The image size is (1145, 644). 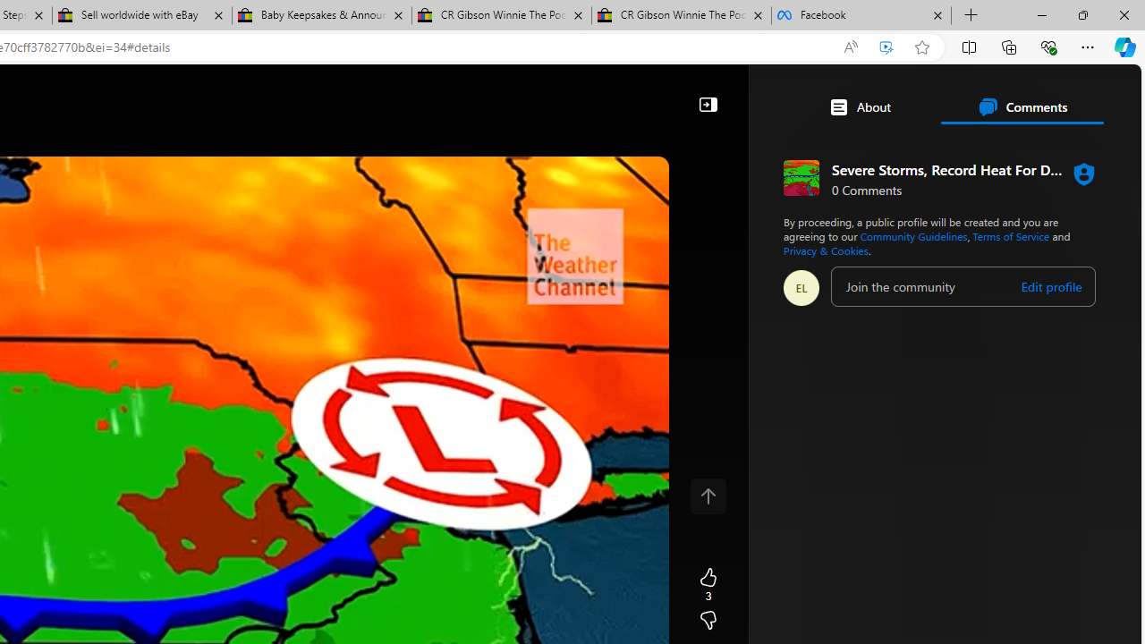 What do you see at coordinates (801, 286) in the screenshot?
I see `'Profile Picture'` at bounding box center [801, 286].